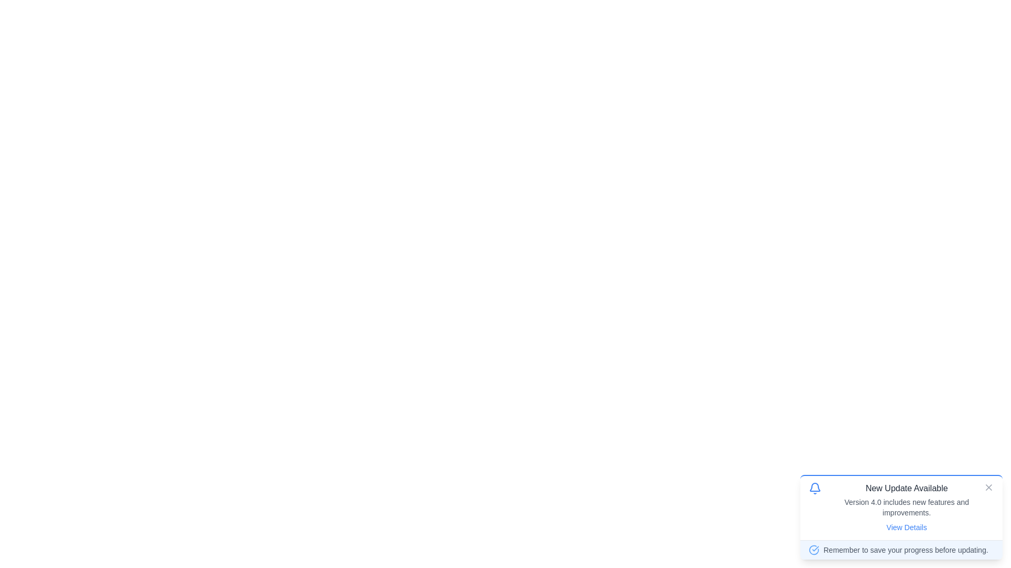 This screenshot has height=568, width=1011. What do you see at coordinates (813, 549) in the screenshot?
I see `the check icon located to the left of the text 'Remember to save your progress before updating.' in the lower section of the notification box` at bounding box center [813, 549].